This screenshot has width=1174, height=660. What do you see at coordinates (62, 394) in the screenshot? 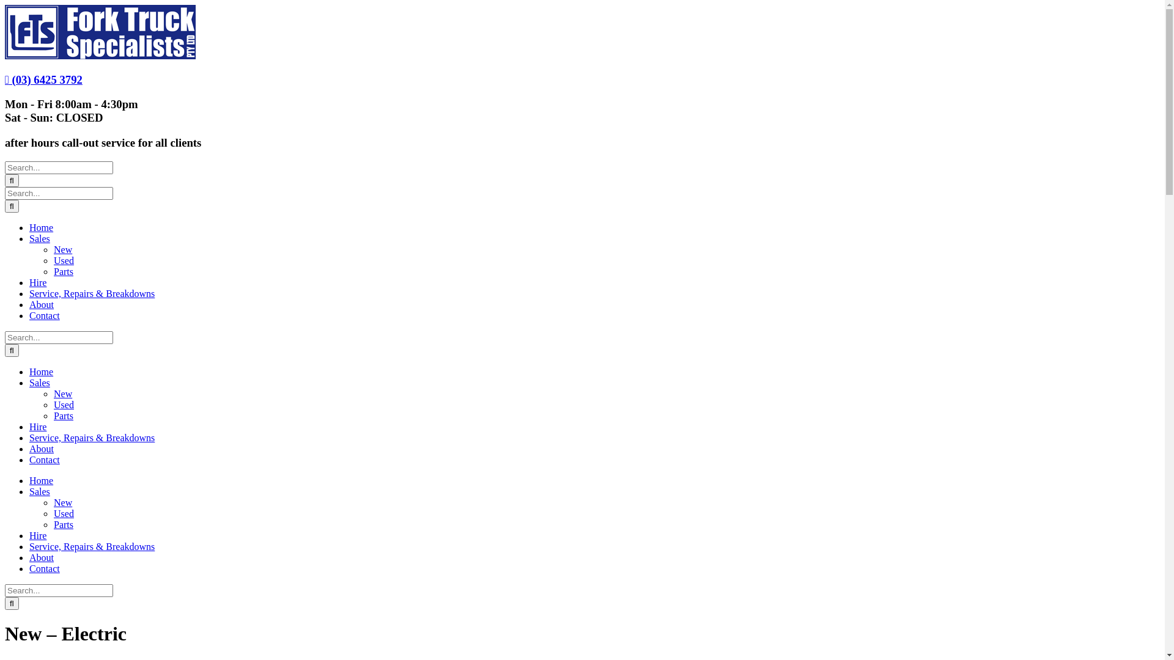
I see `'New'` at bounding box center [62, 394].